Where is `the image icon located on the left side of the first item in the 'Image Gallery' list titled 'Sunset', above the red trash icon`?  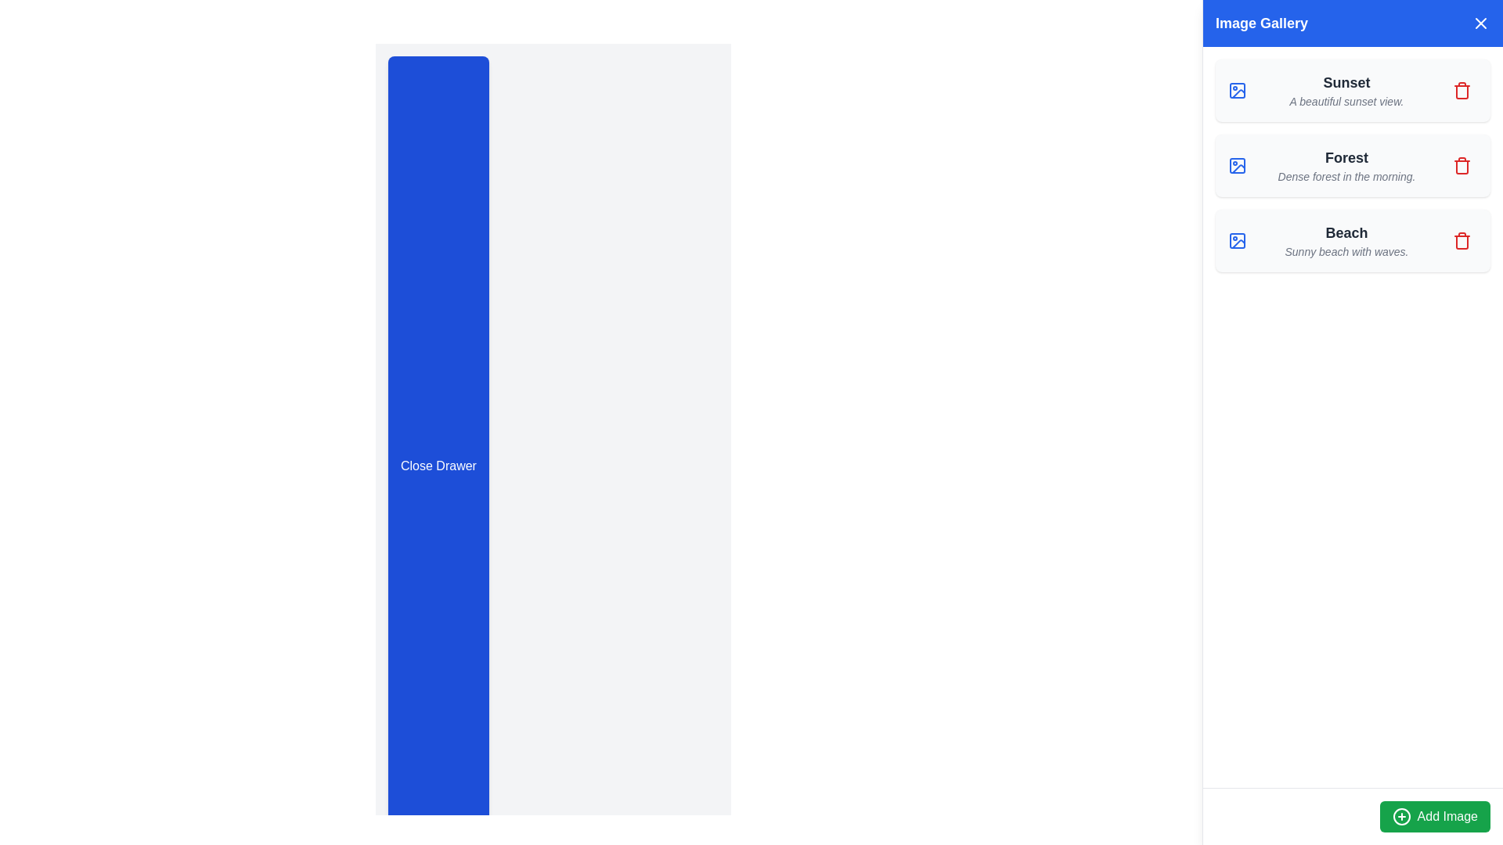
the image icon located on the left side of the first item in the 'Image Gallery' list titled 'Sunset', above the red trash icon is located at coordinates (1236, 90).